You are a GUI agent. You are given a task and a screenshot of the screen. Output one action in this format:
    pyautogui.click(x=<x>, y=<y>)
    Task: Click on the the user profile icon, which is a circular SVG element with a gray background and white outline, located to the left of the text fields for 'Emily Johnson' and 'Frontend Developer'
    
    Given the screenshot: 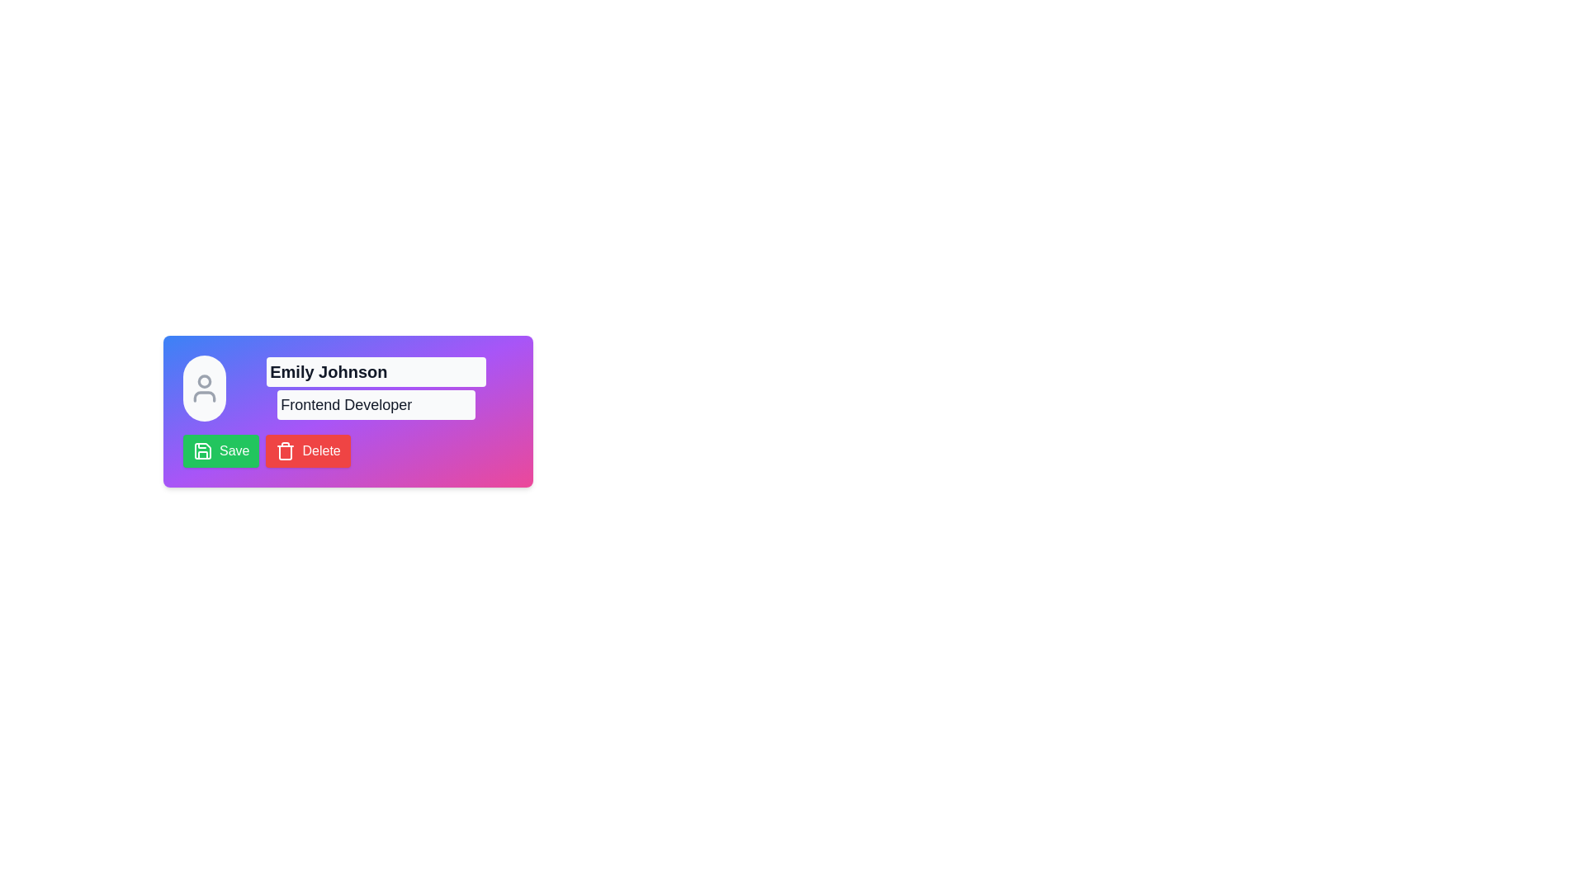 What is the action you would take?
    pyautogui.click(x=204, y=388)
    